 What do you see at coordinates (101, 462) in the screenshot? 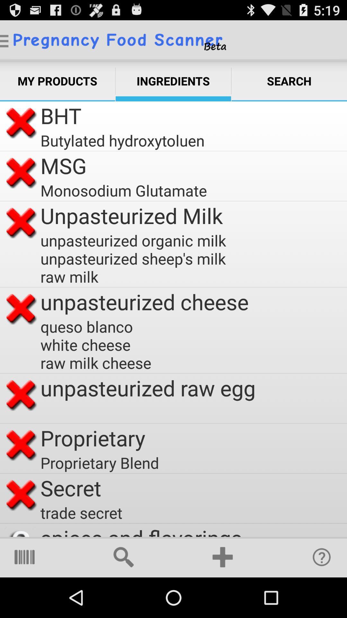
I see `icon below the proprietary item` at bounding box center [101, 462].